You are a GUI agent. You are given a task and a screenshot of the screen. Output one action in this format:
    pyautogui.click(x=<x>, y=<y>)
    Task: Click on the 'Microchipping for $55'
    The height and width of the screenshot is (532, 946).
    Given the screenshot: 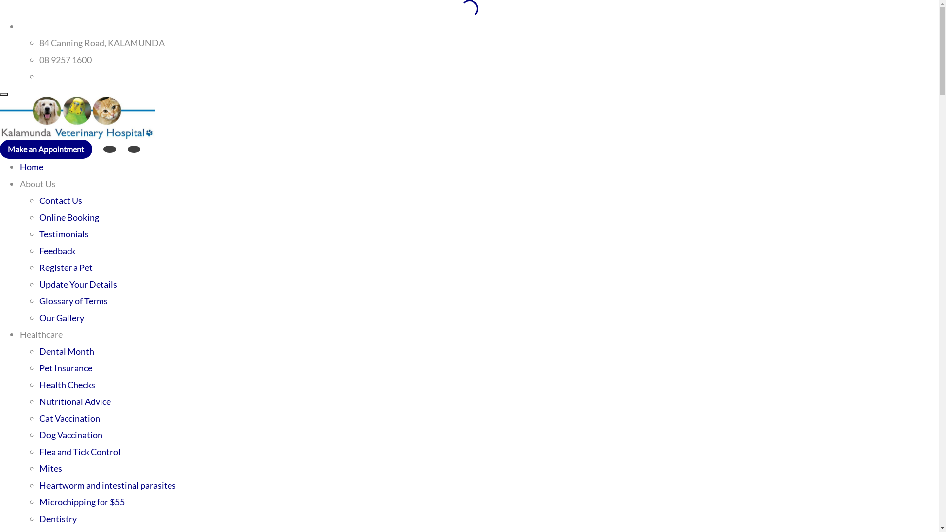 What is the action you would take?
    pyautogui.click(x=39, y=501)
    